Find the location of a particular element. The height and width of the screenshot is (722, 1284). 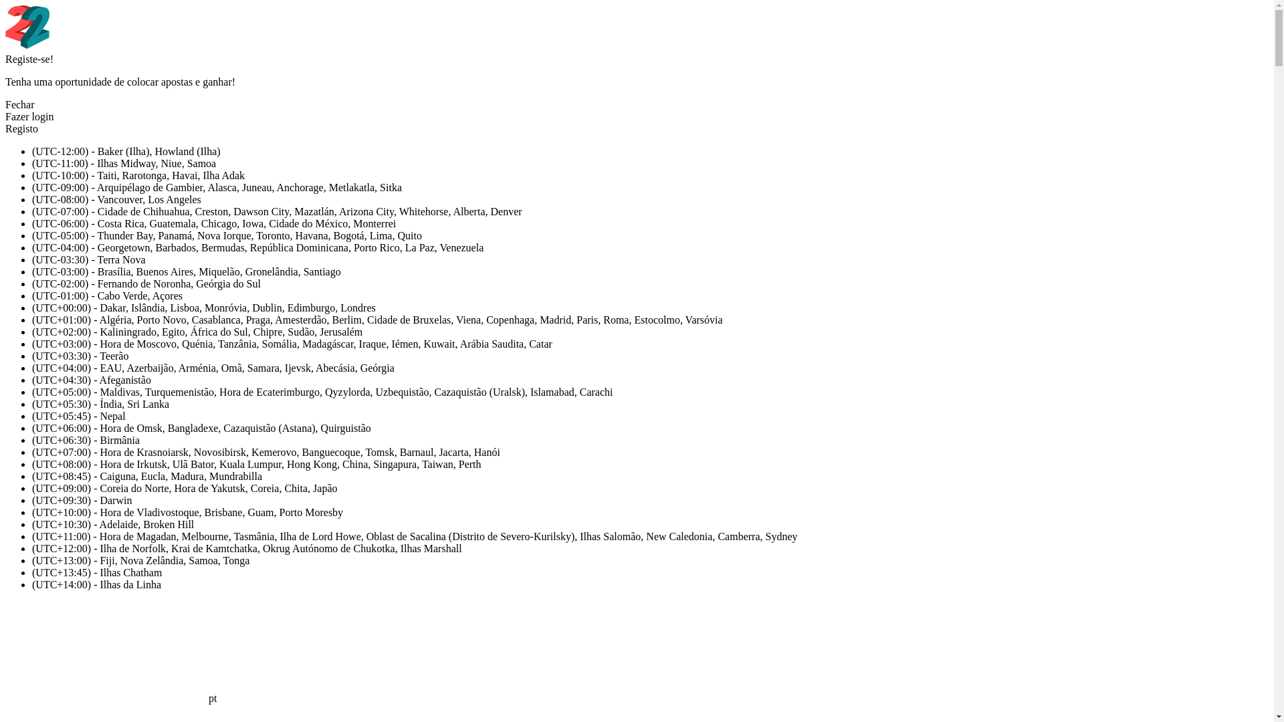

'Registo' is located at coordinates (5, 128).